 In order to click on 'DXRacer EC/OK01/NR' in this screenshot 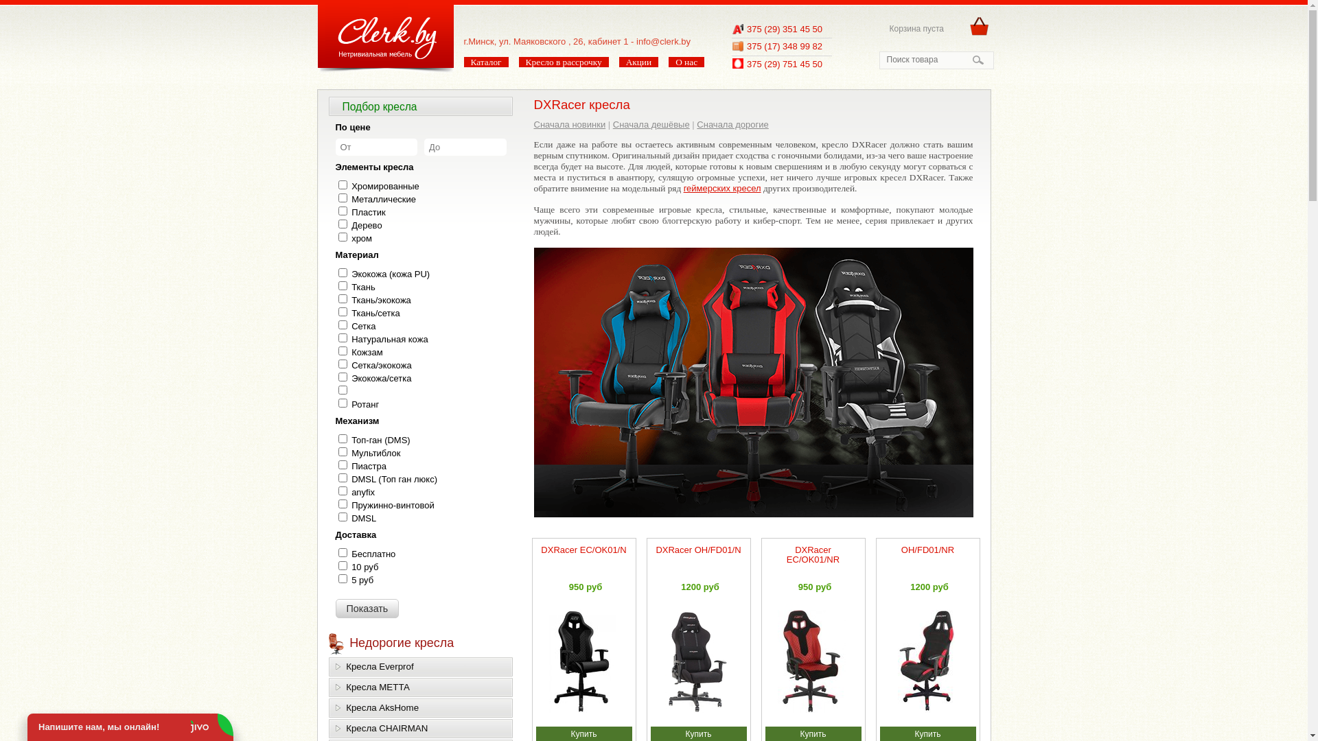, I will do `click(813, 554)`.